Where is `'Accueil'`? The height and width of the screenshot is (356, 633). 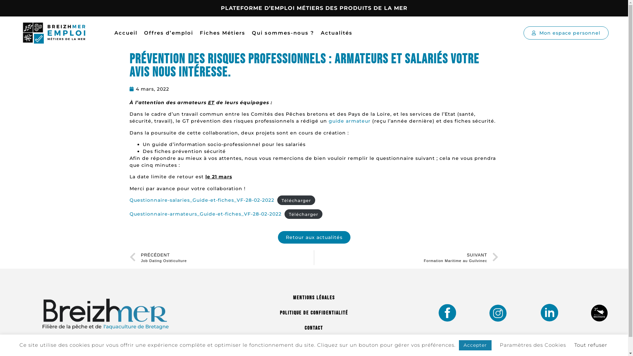 'Accueil' is located at coordinates (126, 33).